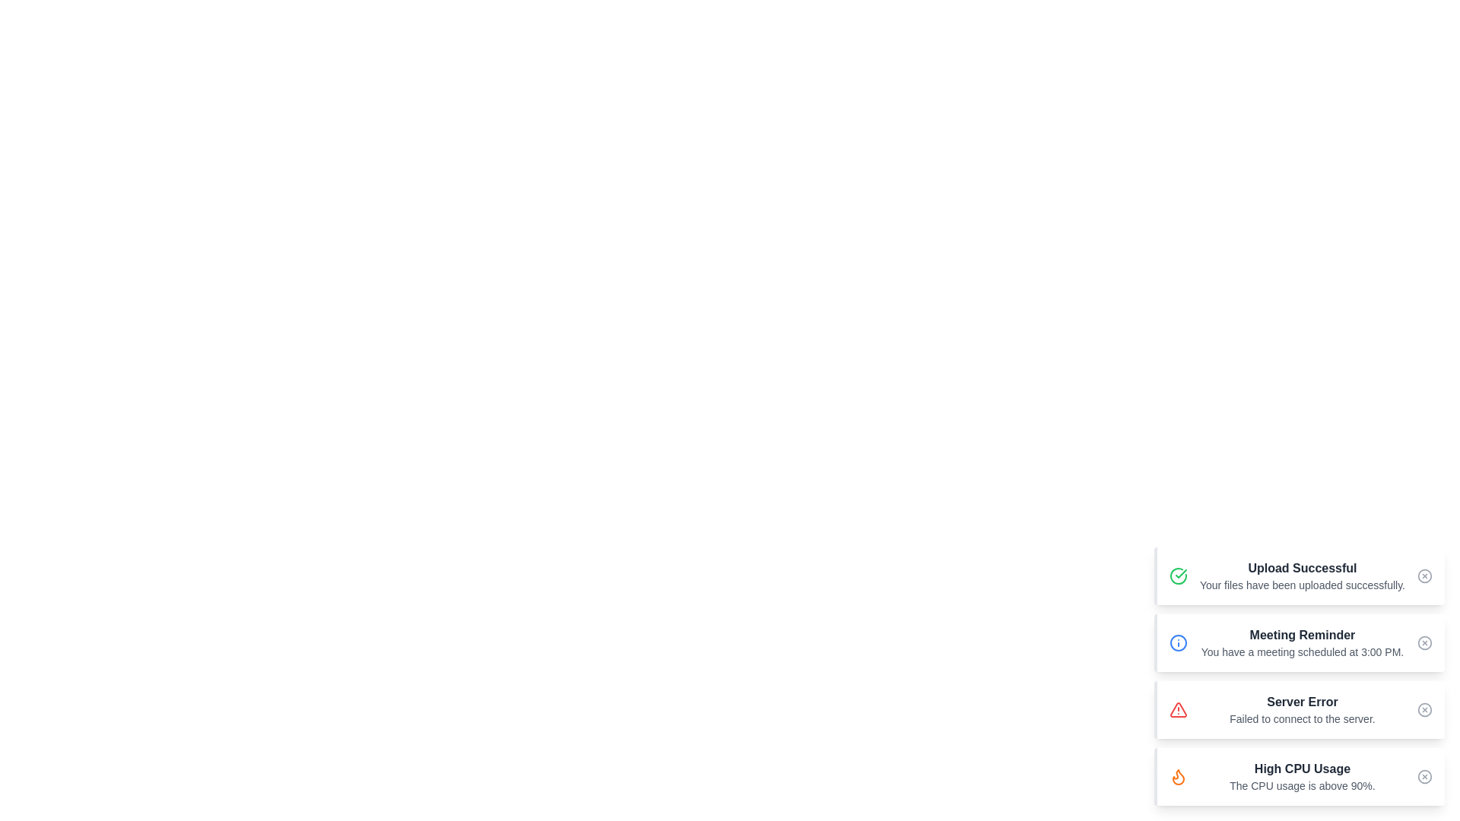 Image resolution: width=1460 pixels, height=821 pixels. What do you see at coordinates (1298, 576) in the screenshot?
I see `the content of the alert titled 'Upload Successful'` at bounding box center [1298, 576].